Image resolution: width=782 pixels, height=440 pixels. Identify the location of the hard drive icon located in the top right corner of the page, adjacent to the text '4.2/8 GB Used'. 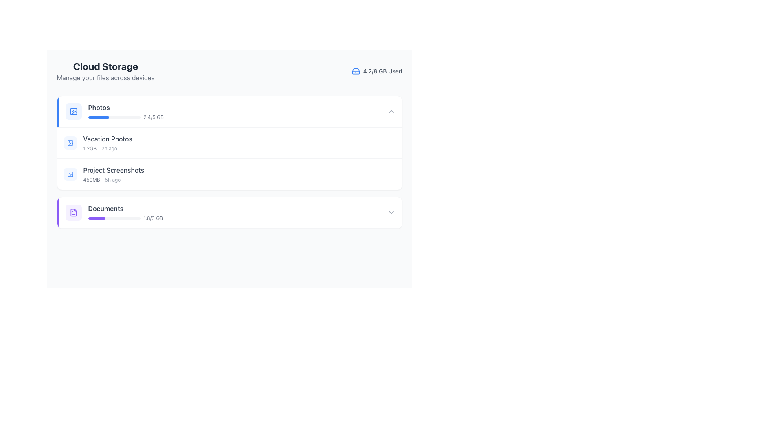
(356, 70).